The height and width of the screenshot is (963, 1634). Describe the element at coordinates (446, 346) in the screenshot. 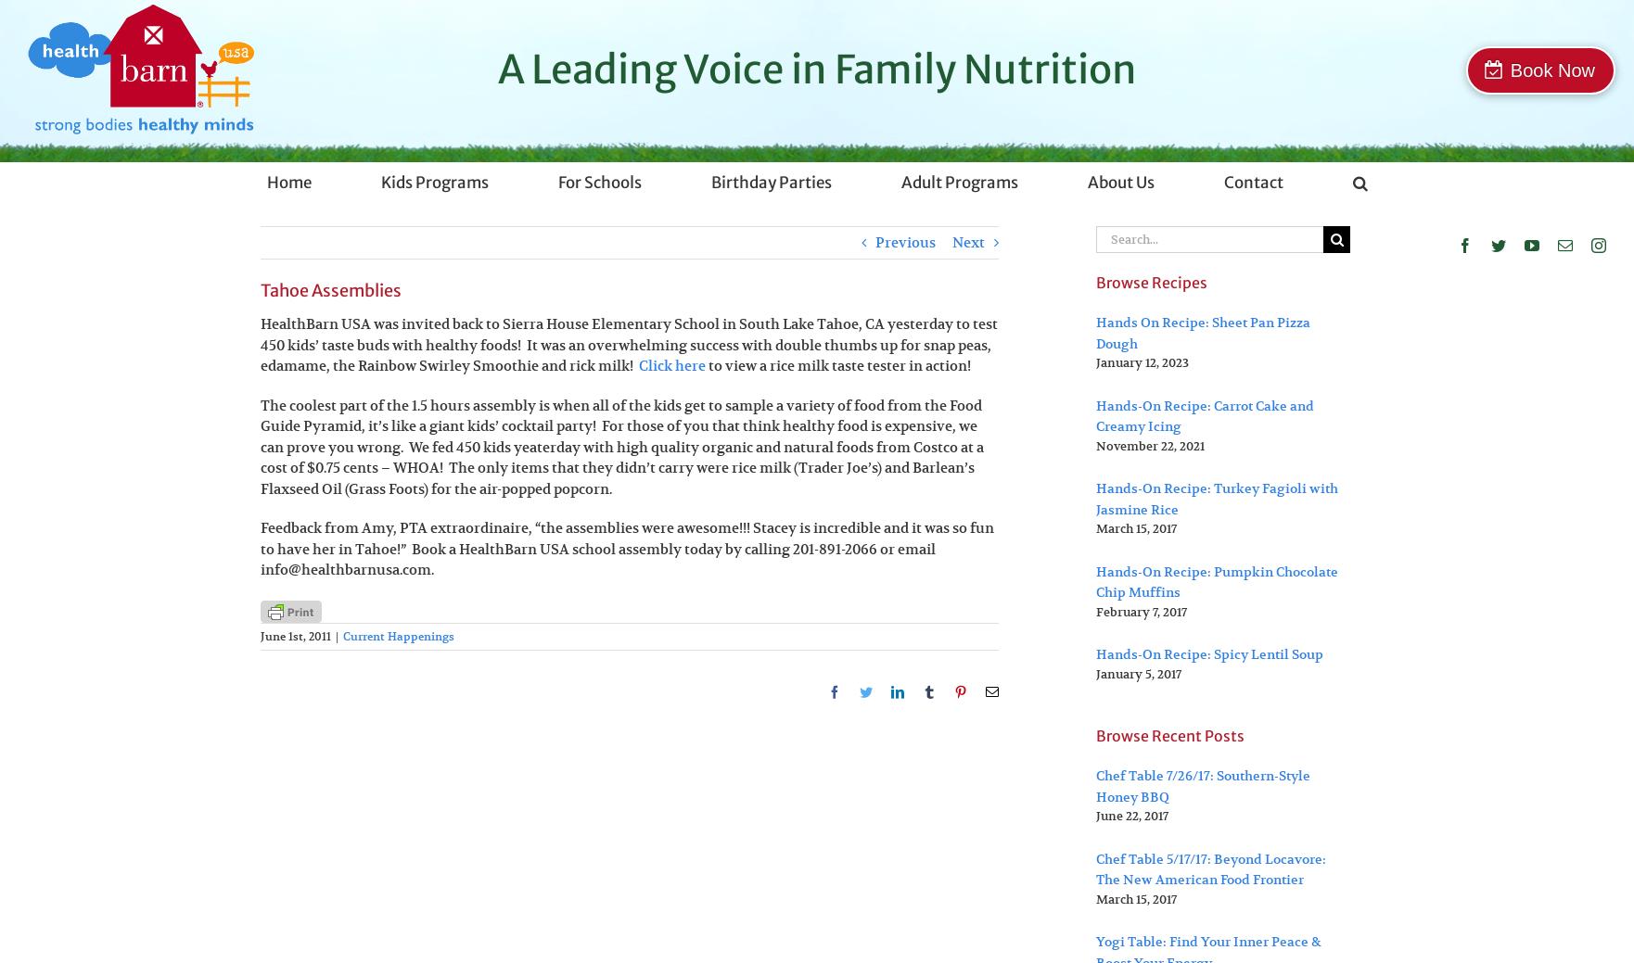

I see `'Sprouts, Age 5-7'` at that location.